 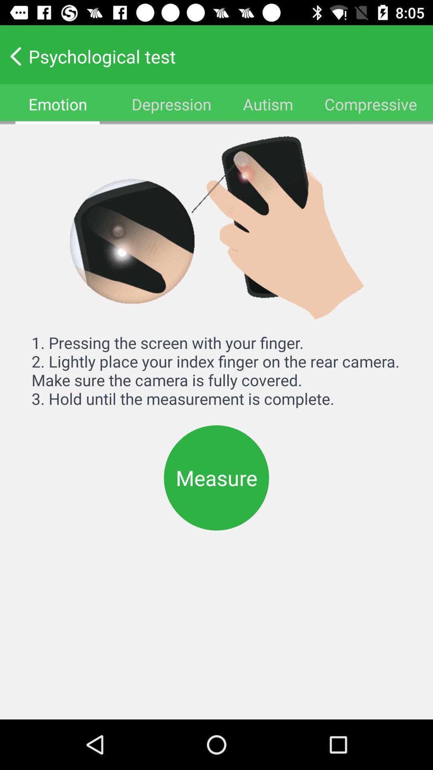 What do you see at coordinates (171, 103) in the screenshot?
I see `the item below the psychological test icon` at bounding box center [171, 103].